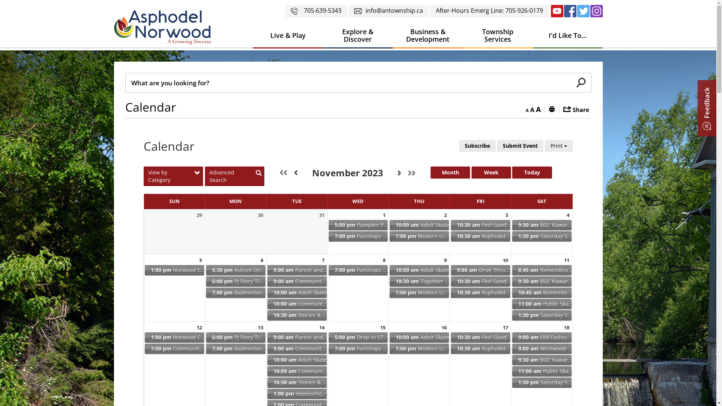 The image size is (722, 406). What do you see at coordinates (581, 82) in the screenshot?
I see `'SEARCH'` at bounding box center [581, 82].